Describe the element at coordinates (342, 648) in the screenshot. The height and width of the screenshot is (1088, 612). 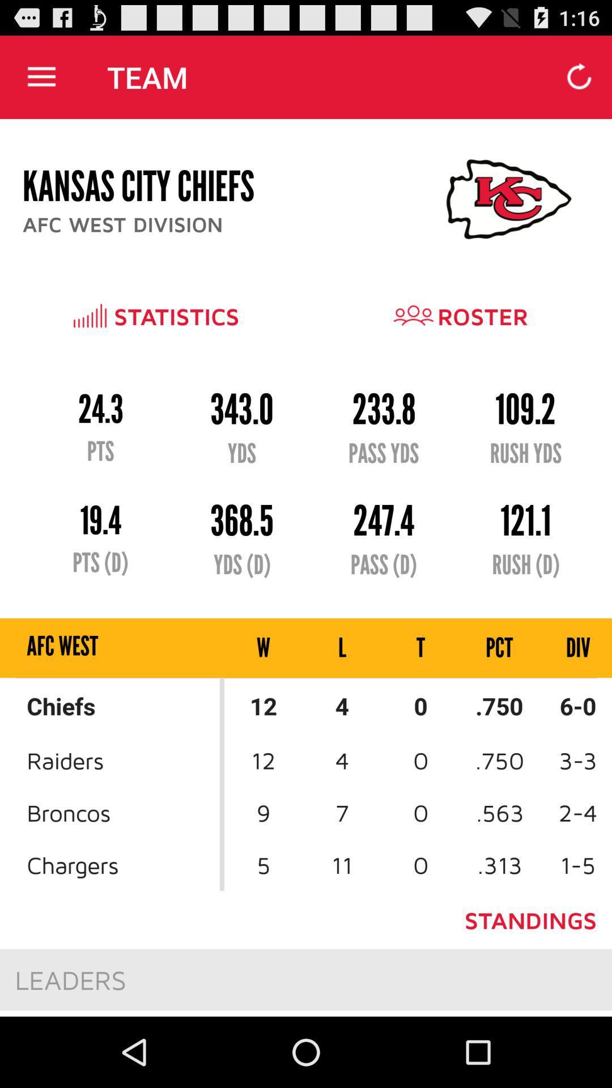
I see `item above 12 icon` at that location.